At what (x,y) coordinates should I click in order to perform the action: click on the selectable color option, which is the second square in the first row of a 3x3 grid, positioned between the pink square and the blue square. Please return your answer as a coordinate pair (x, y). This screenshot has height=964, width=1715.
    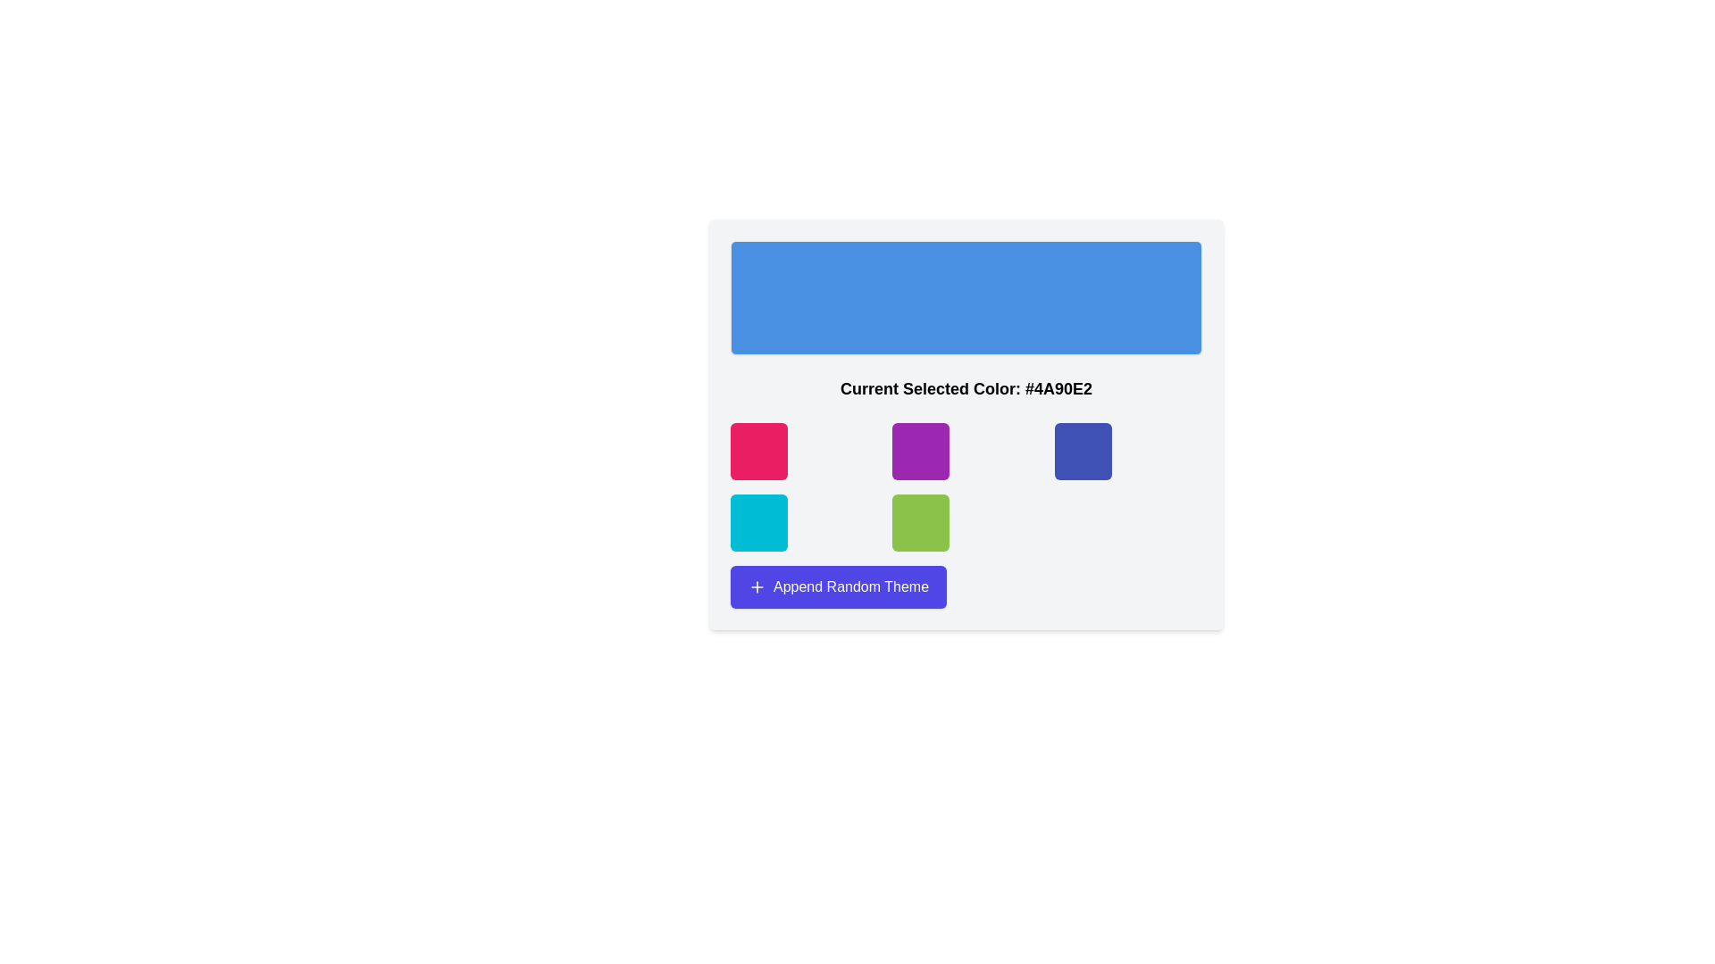
    Looking at the image, I should click on (921, 450).